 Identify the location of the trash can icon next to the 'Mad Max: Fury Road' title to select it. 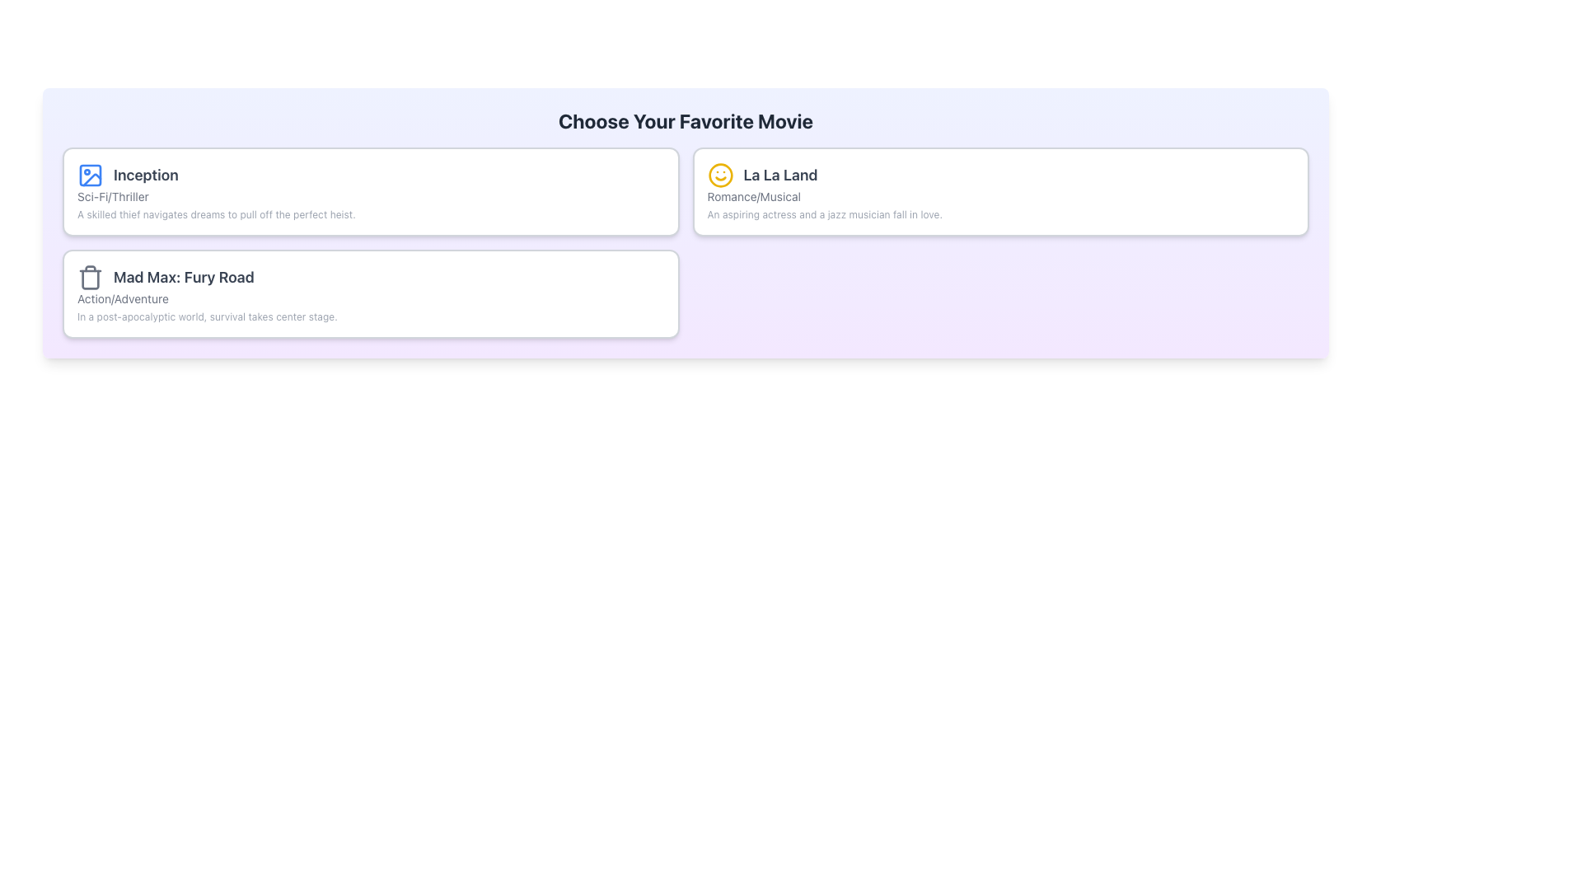
(90, 279).